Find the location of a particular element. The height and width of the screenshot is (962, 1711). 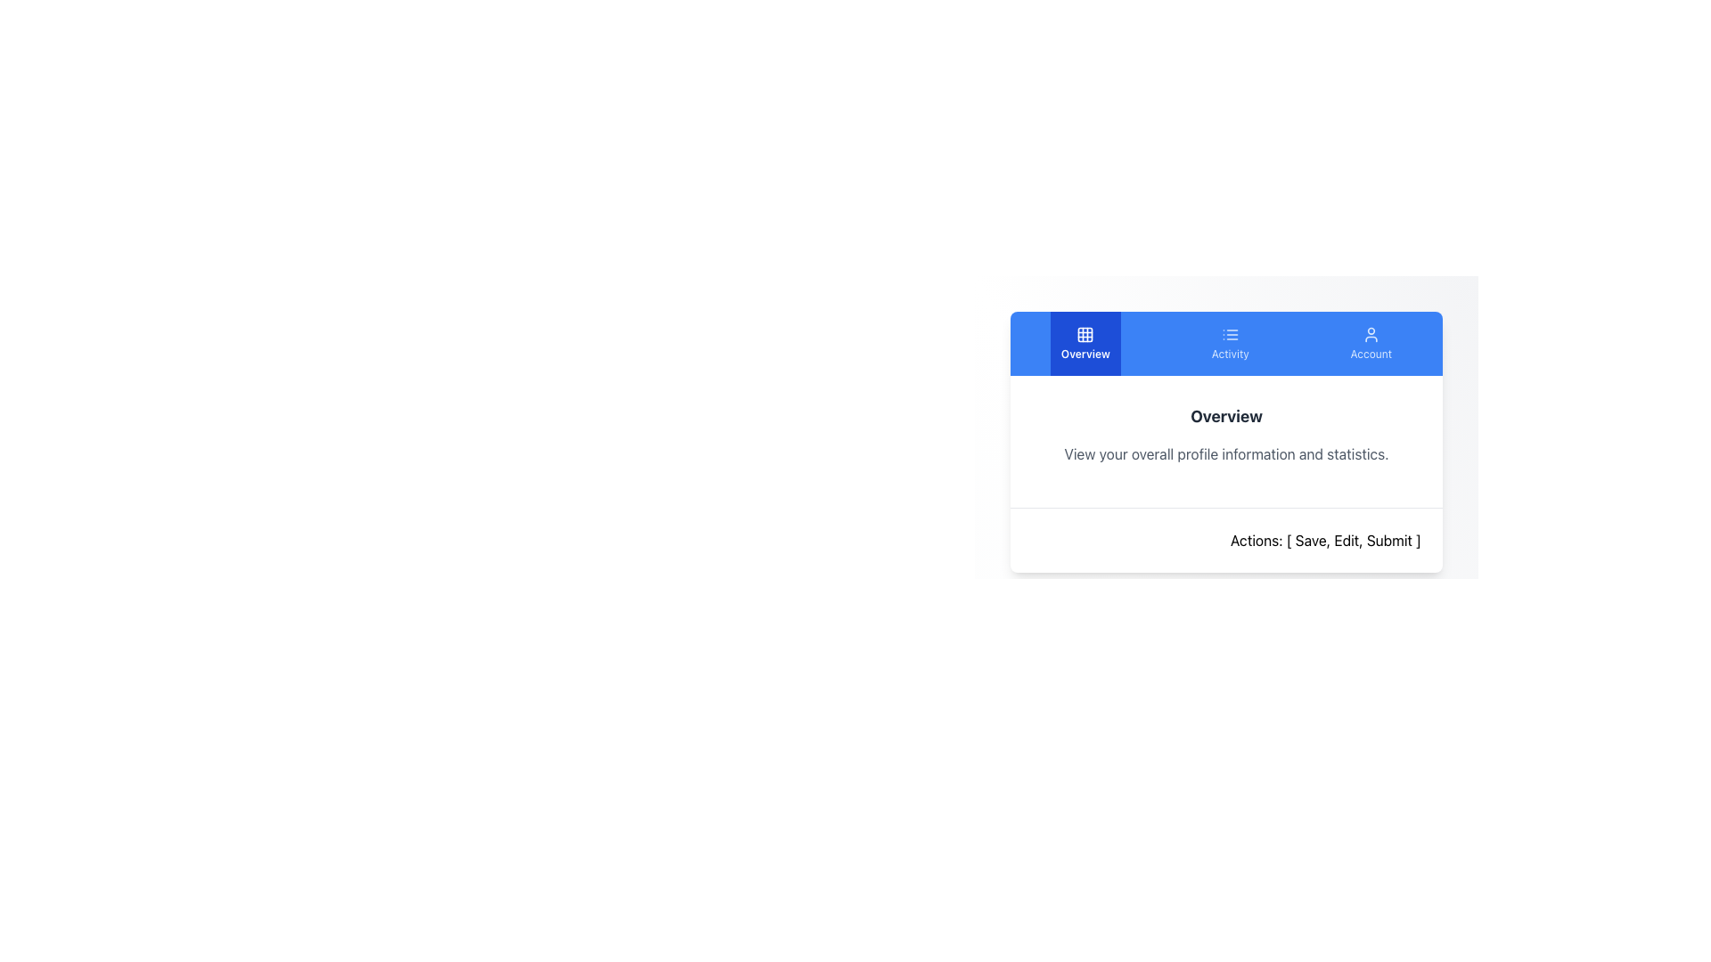

'Activity' icon located in the second button from the left in a row of three buttons at the top of the user interface panel is located at coordinates (1229, 334).